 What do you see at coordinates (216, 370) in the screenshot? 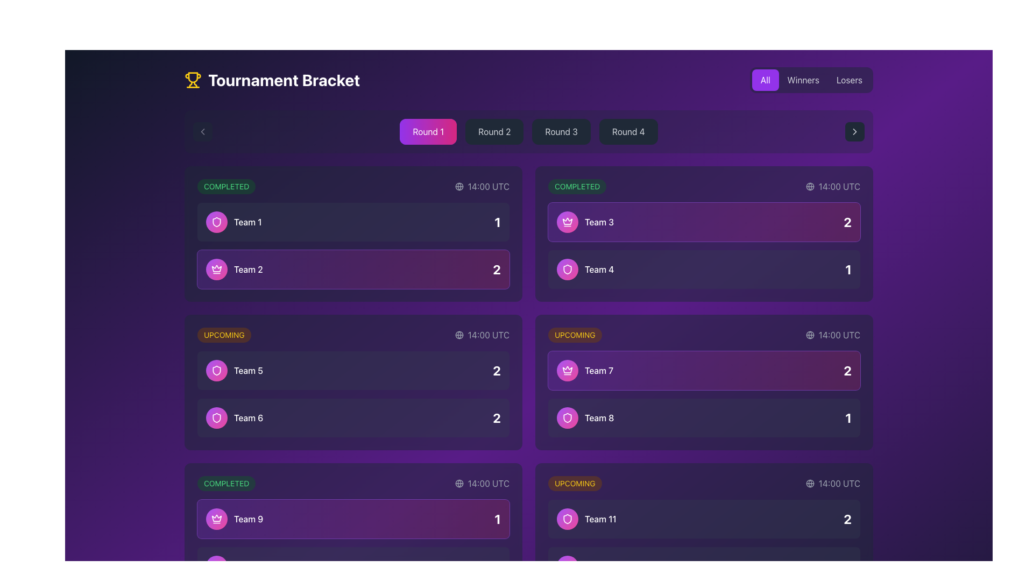
I see `the shield-shaped vector icon with a white outline, located within the purple circular background, above the text 'Team 6,'` at bounding box center [216, 370].